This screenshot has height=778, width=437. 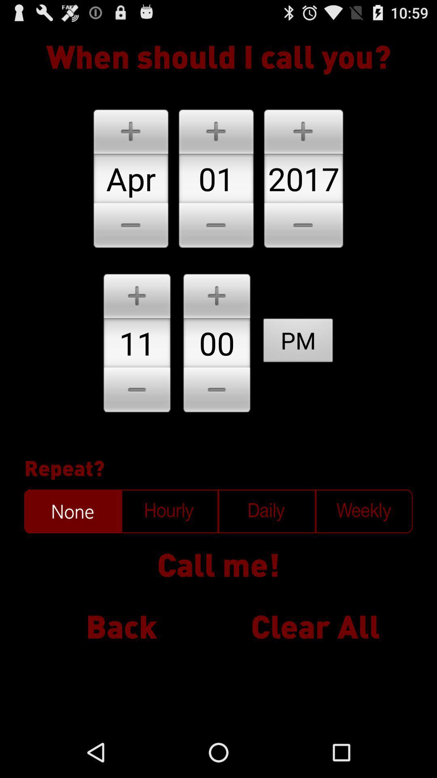 I want to click on repeat hourly, so click(x=170, y=511).